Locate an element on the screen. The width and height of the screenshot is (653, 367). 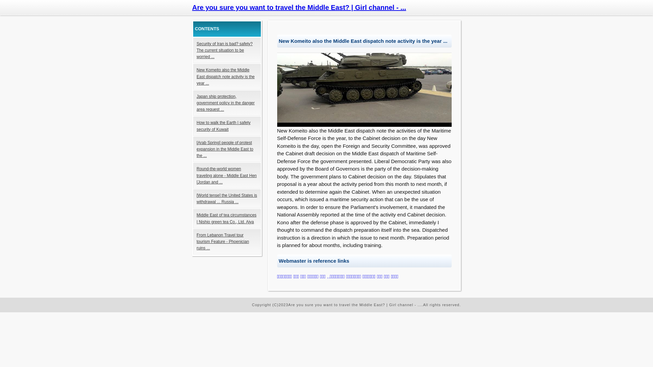
'[World tense] the United States is withdrawal ... Russia ...' is located at coordinates (227, 199).